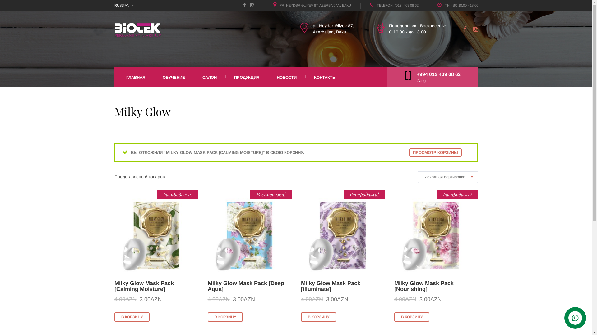 The height and width of the screenshot is (335, 597). Describe the element at coordinates (144, 286) in the screenshot. I see `'Milky Glow Mask Pack [Calming Moisture]'` at that location.